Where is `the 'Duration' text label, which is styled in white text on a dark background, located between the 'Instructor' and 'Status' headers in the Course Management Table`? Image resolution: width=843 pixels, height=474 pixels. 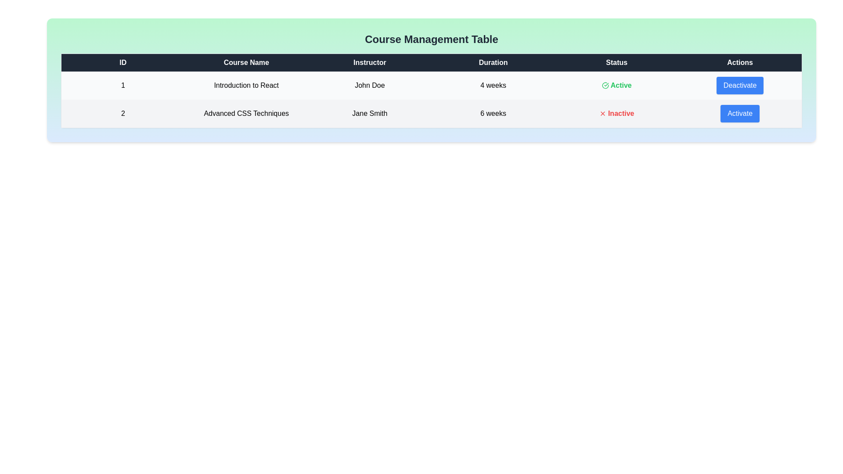
the 'Duration' text label, which is styled in white text on a dark background, located between the 'Instructor' and 'Status' headers in the Course Management Table is located at coordinates (493, 62).